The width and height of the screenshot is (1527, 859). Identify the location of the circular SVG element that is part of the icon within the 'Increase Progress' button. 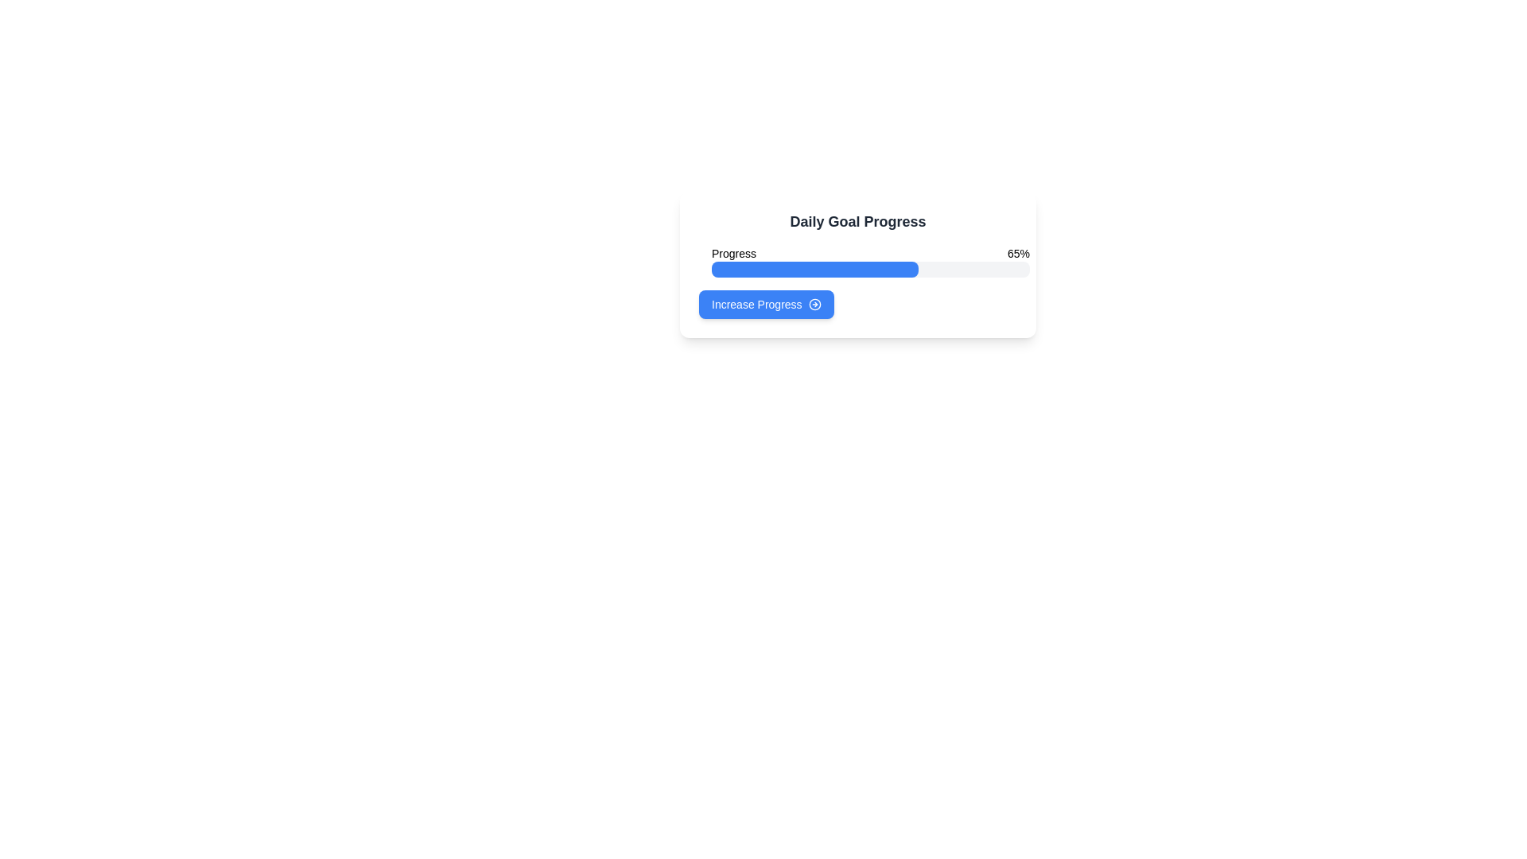
(814, 304).